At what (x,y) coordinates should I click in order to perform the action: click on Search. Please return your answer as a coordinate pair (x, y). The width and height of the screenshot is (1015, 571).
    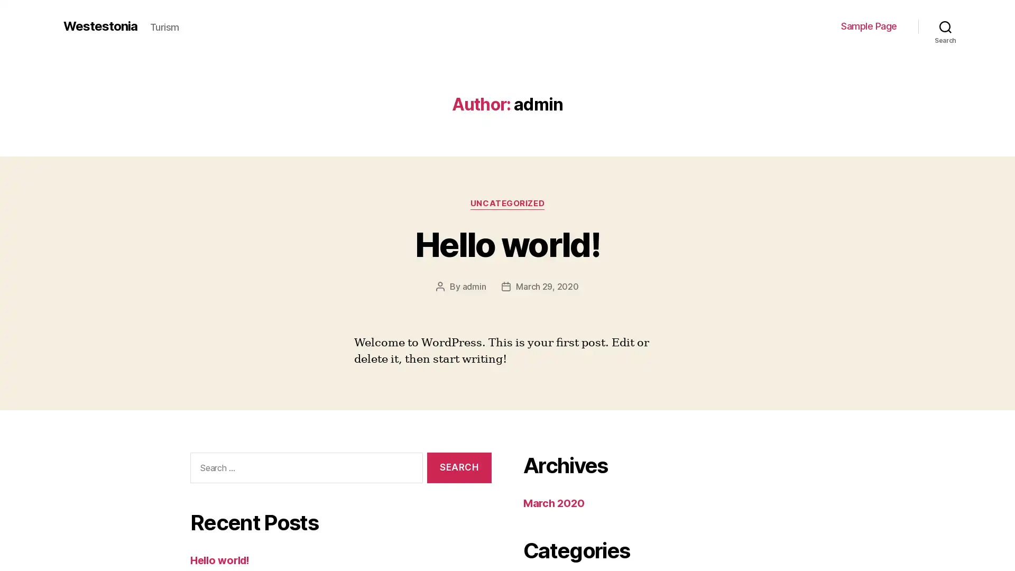
    Looking at the image, I should click on (945, 26).